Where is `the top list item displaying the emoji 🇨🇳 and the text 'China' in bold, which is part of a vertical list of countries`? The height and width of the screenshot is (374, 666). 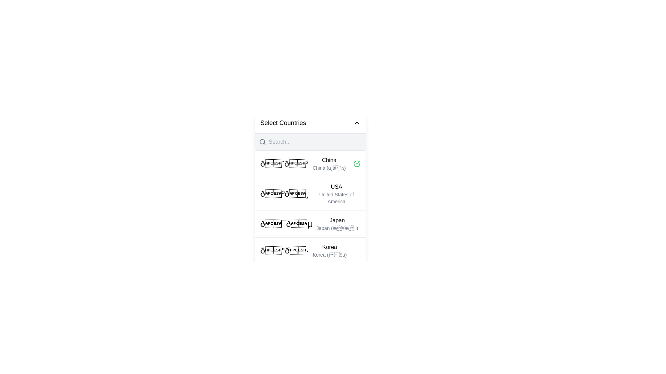 the top list item displaying the emoji 🇨🇳 and the text 'China' in bold, which is part of a vertical list of countries is located at coordinates (303, 164).